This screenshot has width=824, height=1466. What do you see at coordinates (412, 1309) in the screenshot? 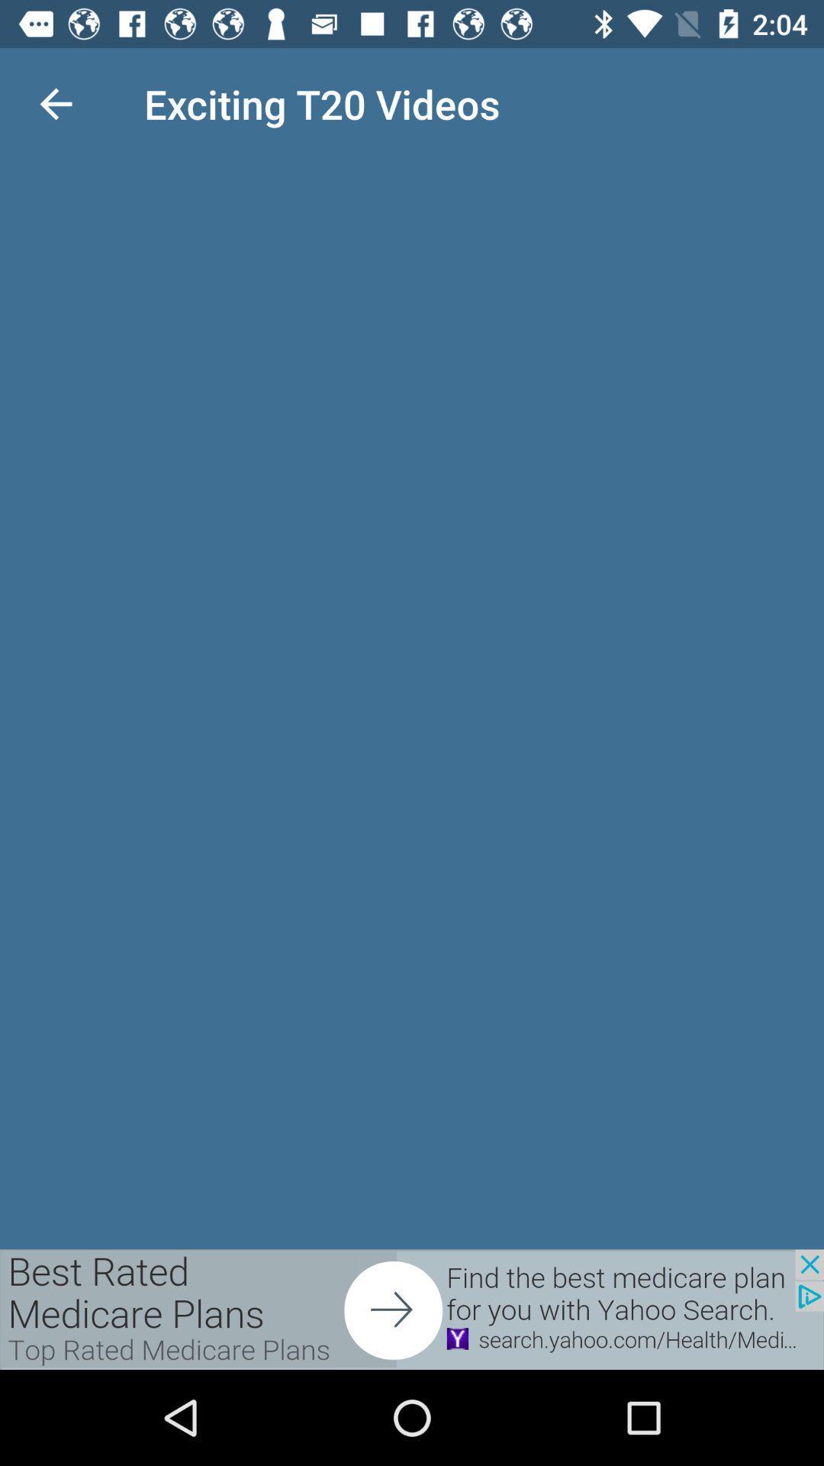
I see `sponsor advertisement for medicare plans` at bounding box center [412, 1309].